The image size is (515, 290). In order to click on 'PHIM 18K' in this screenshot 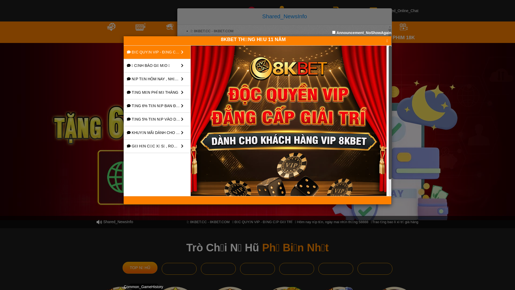, I will do `click(404, 32)`.